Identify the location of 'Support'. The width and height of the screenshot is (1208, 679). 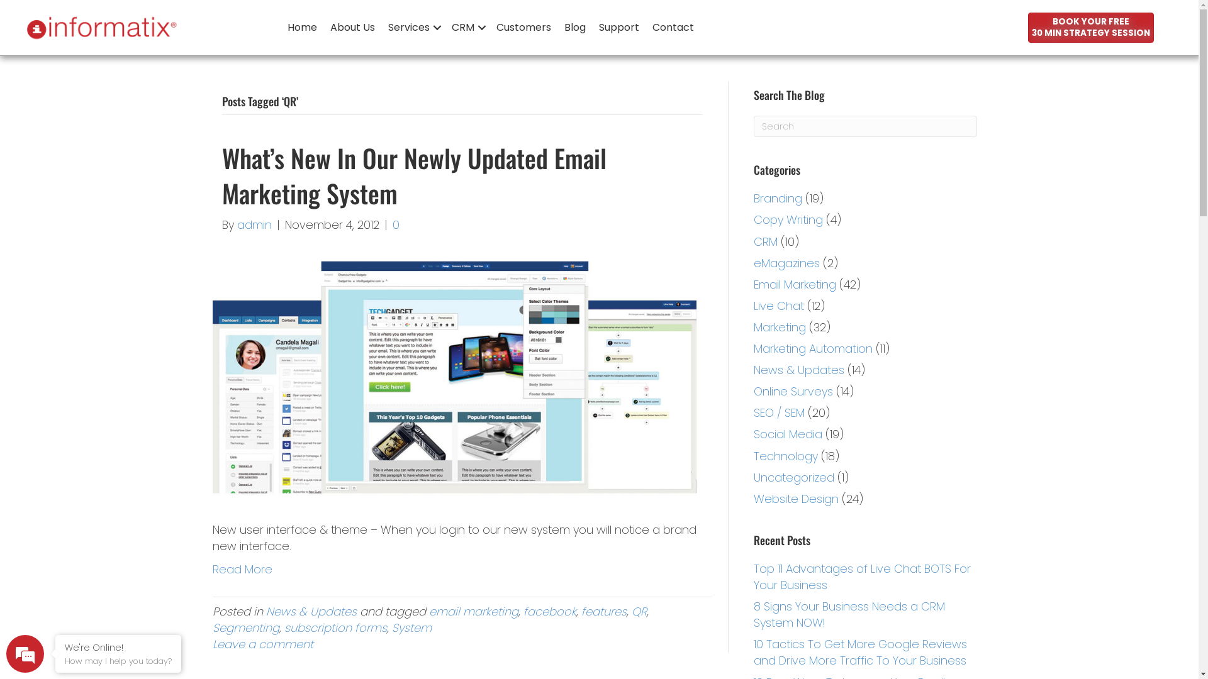
(618, 27).